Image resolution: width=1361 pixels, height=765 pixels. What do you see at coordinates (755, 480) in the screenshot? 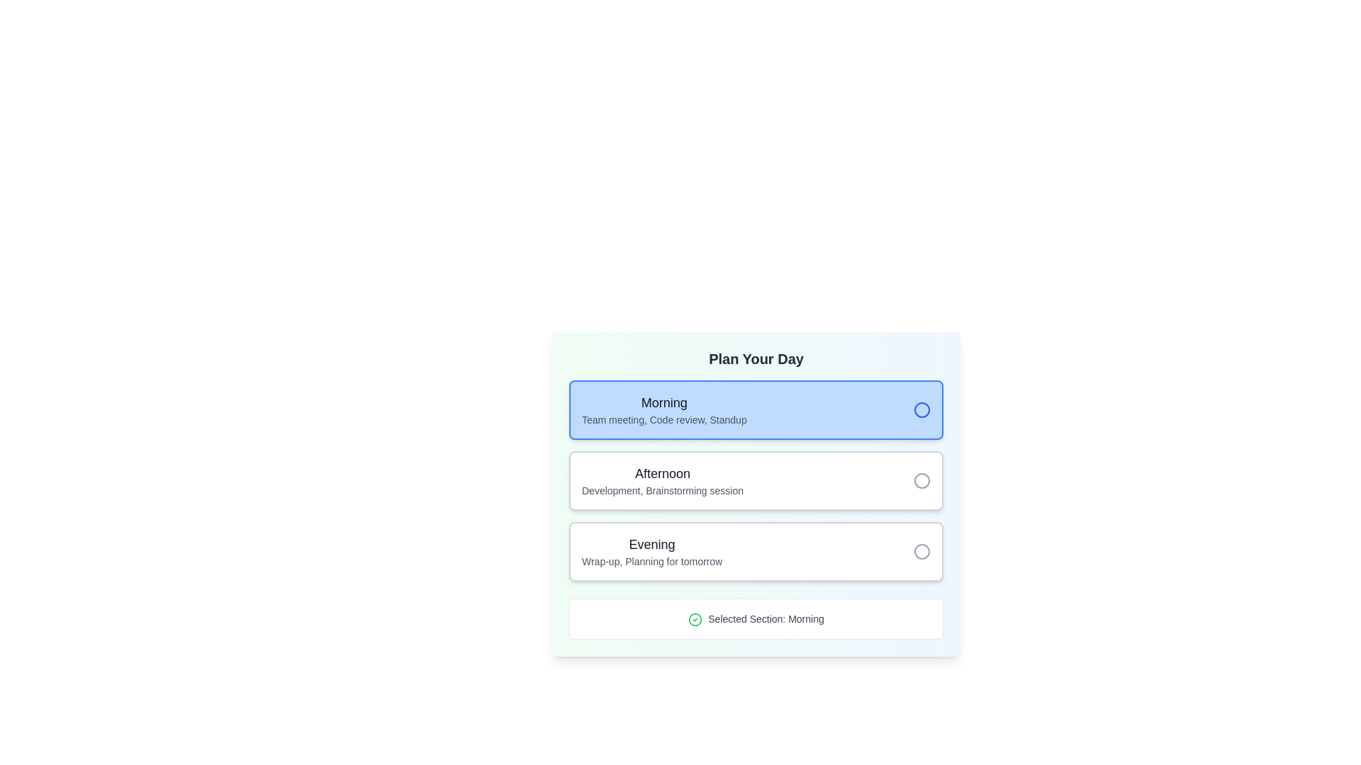
I see `the selectable list item titled 'Afternoon' with the subheading 'Development, Brainstorming session'` at bounding box center [755, 480].